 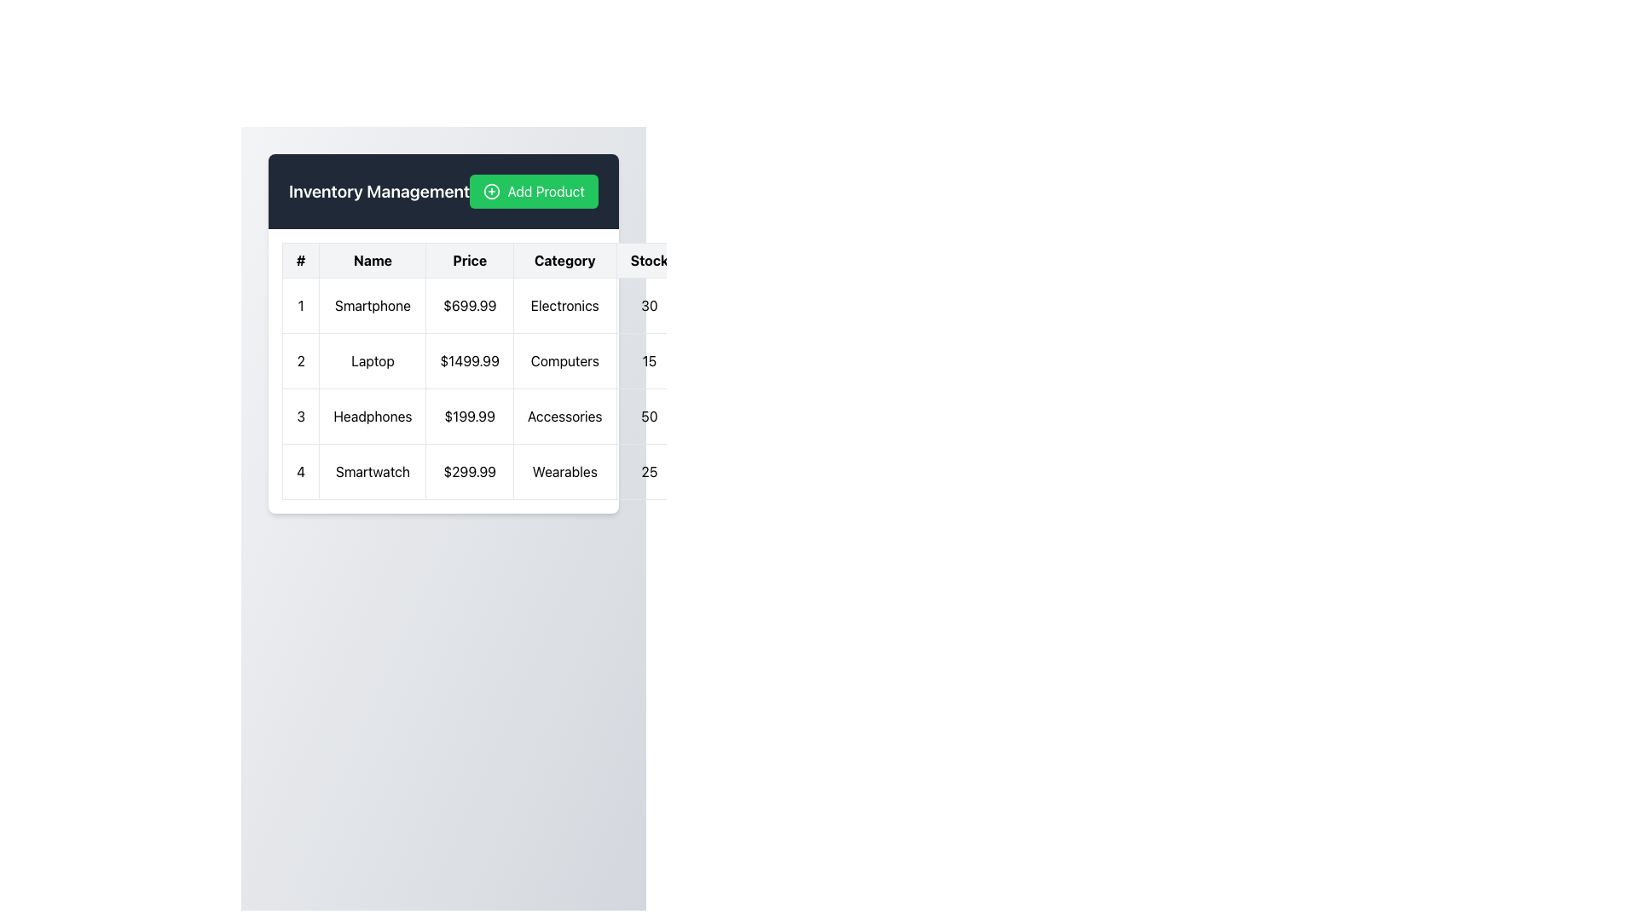 What do you see at coordinates (648, 472) in the screenshot?
I see `the table cell containing the text '25', located in the fourth row and last column of the inventory management table` at bounding box center [648, 472].